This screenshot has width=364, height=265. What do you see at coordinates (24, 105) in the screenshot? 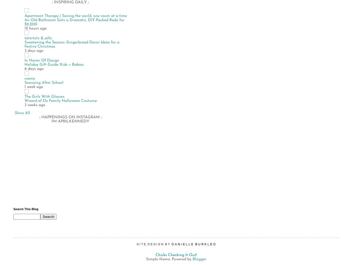
I see `'3 weeks ago'` at bounding box center [24, 105].